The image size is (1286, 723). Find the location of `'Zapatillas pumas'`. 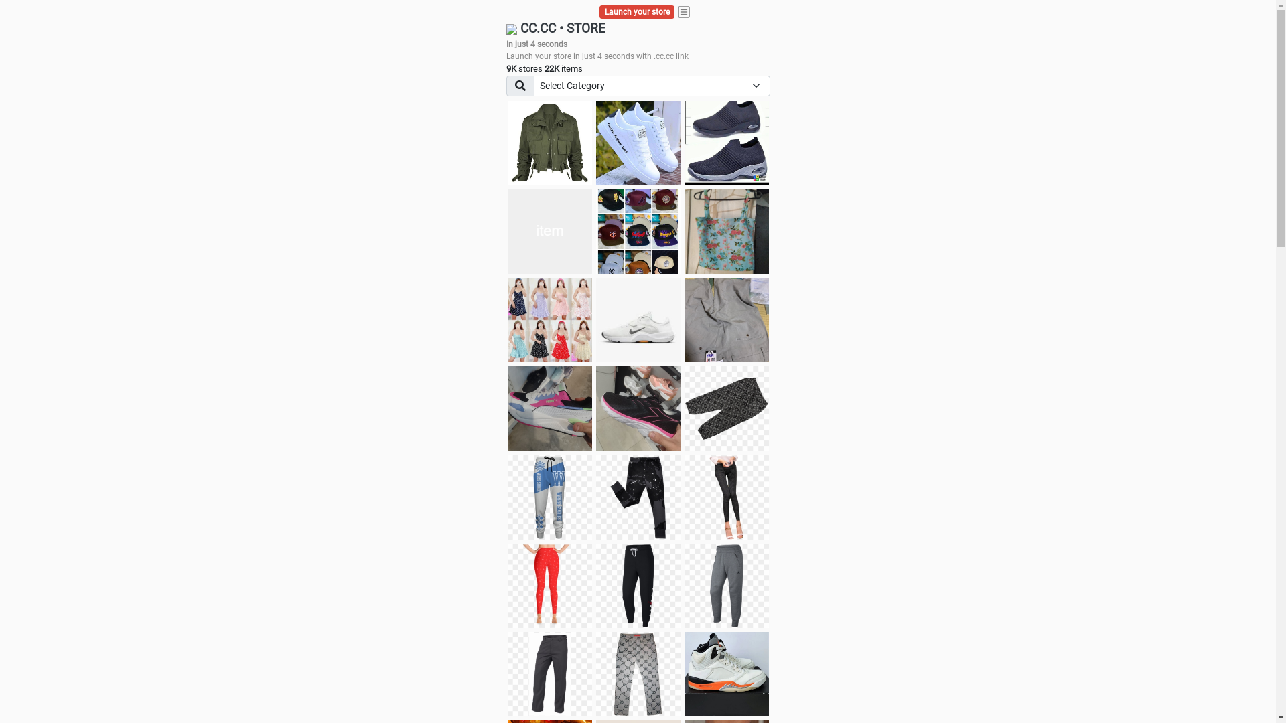

'Zapatillas pumas' is located at coordinates (549, 407).